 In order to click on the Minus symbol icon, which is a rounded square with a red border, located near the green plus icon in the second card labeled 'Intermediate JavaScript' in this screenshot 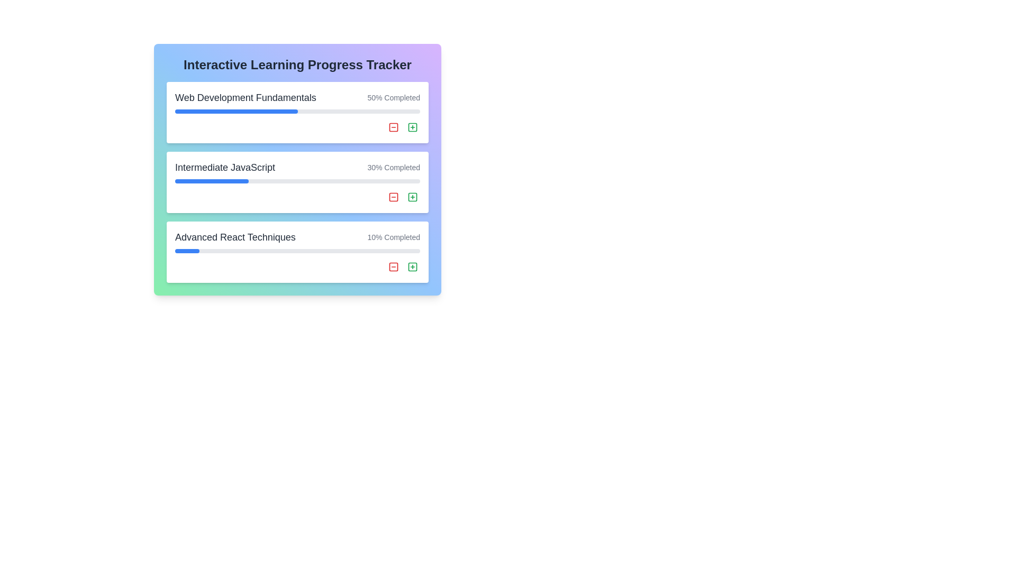, I will do `click(393, 197)`.